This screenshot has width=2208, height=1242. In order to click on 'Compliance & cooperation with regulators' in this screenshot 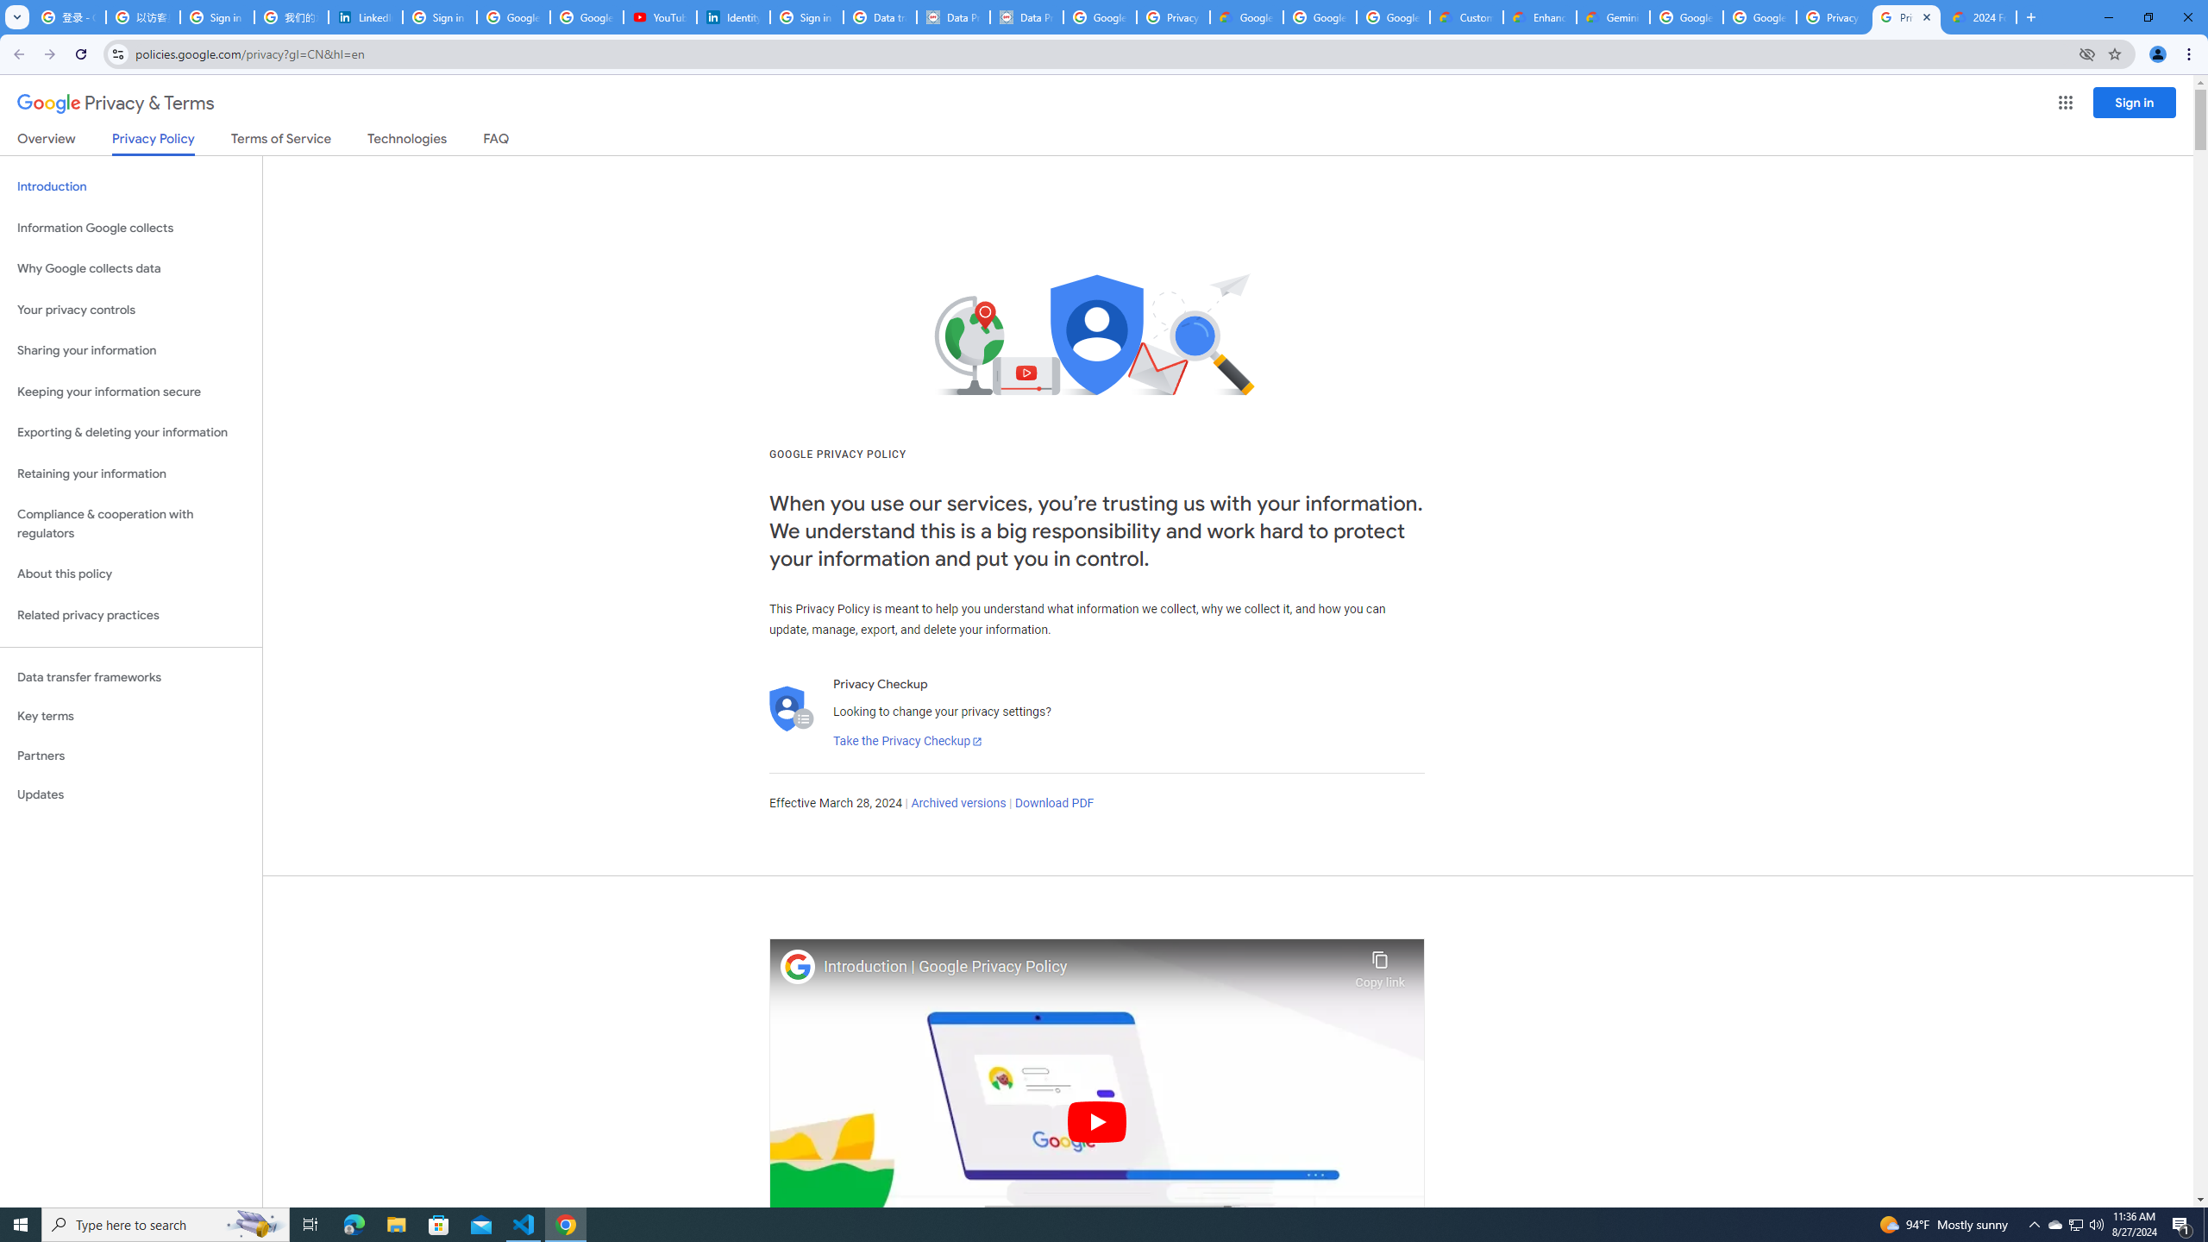, I will do `click(130, 524)`.